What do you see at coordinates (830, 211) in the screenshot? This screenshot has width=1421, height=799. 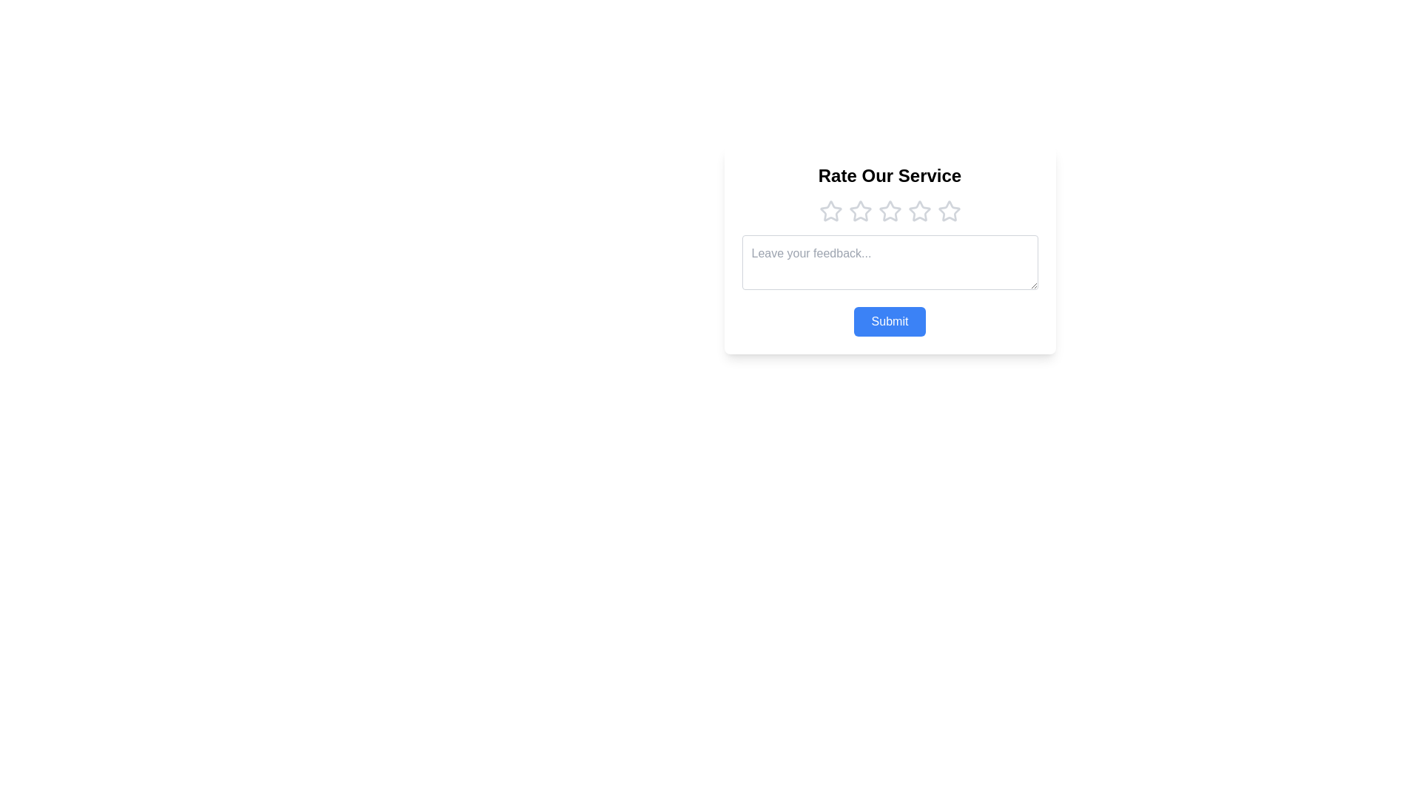 I see `the first star button in the rating system` at bounding box center [830, 211].